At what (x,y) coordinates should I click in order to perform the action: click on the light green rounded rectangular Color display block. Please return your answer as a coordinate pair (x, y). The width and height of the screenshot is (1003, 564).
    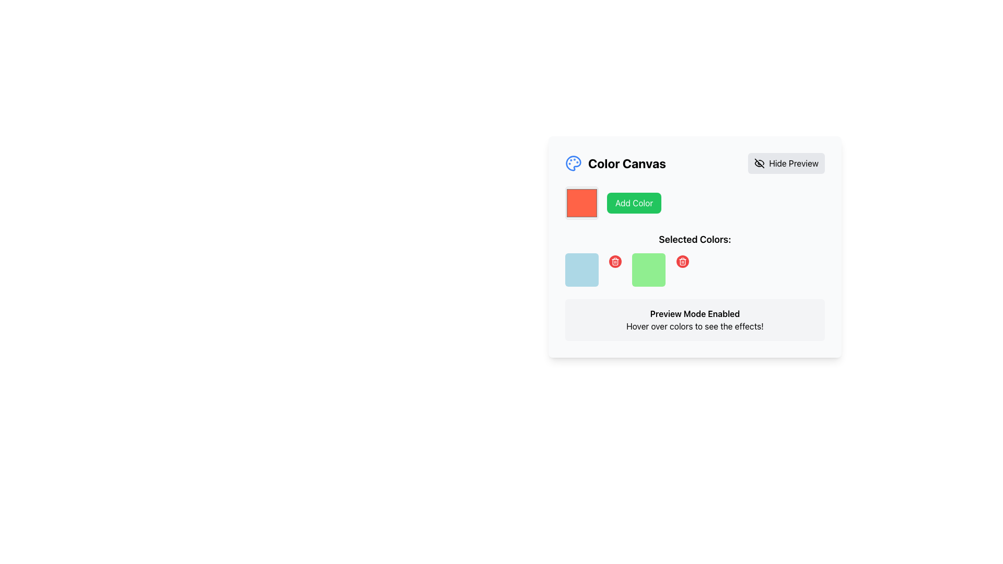
    Looking at the image, I should click on (661, 269).